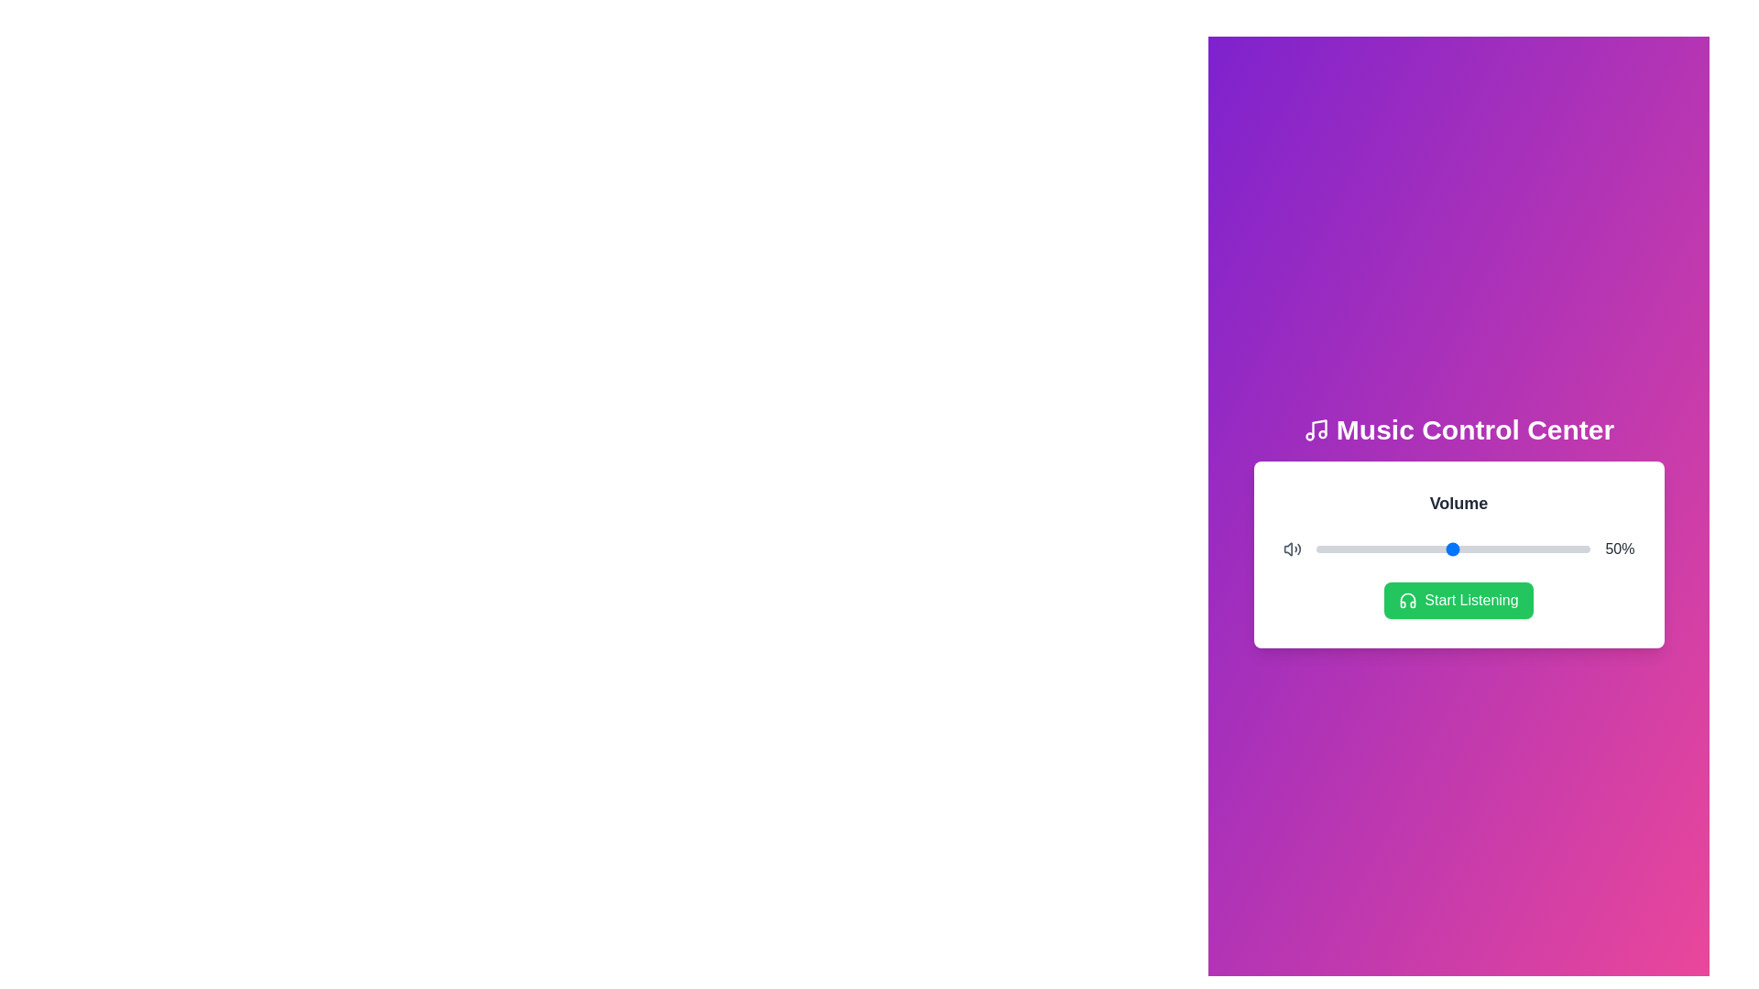  I want to click on the volume slider to 33%, so click(1405, 549).